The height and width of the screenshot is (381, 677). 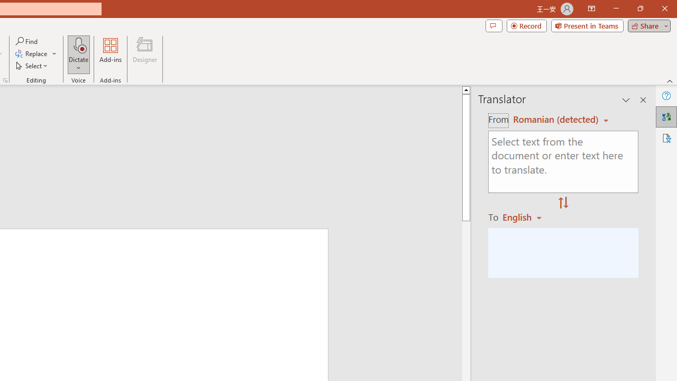 I want to click on 'Romanian', so click(x=526, y=216).